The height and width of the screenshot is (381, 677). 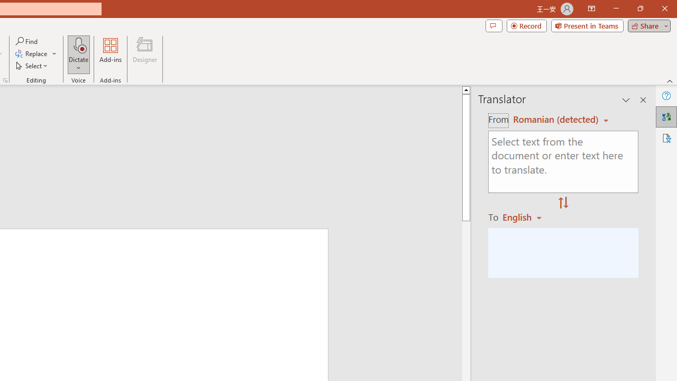 I want to click on 'Romanian', so click(x=526, y=216).